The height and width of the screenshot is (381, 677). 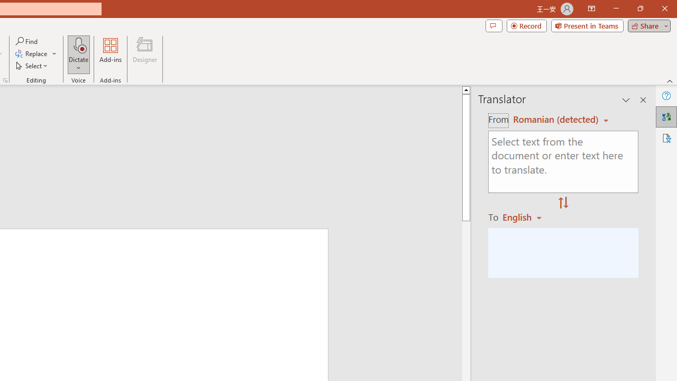 I want to click on 'Romanian', so click(x=526, y=216).